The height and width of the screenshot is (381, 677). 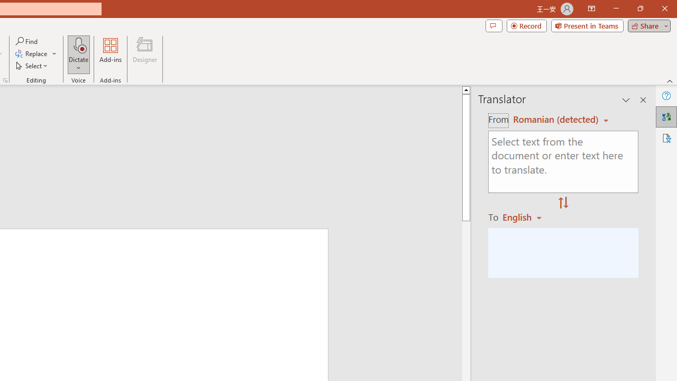 I want to click on 'Romanian', so click(x=526, y=216).